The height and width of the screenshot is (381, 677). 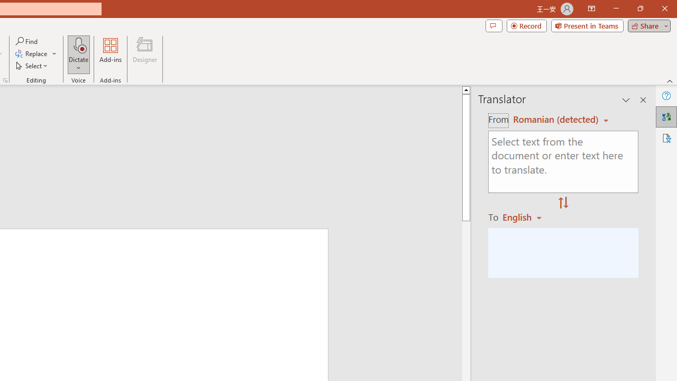 I want to click on 'Romanian', so click(x=526, y=216).